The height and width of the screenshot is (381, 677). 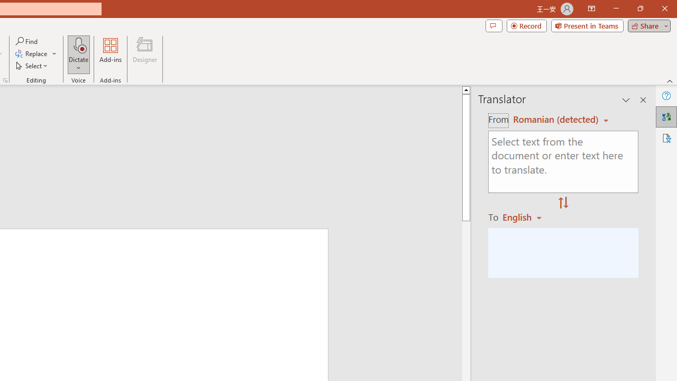 I want to click on 'Romanian', so click(x=526, y=216).